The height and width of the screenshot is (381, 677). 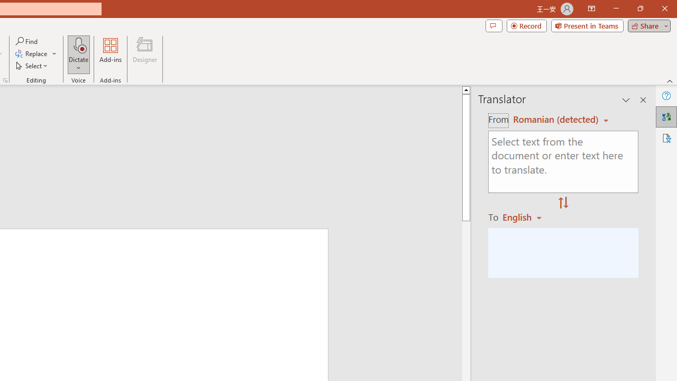 I want to click on 'Romanian', so click(x=526, y=216).